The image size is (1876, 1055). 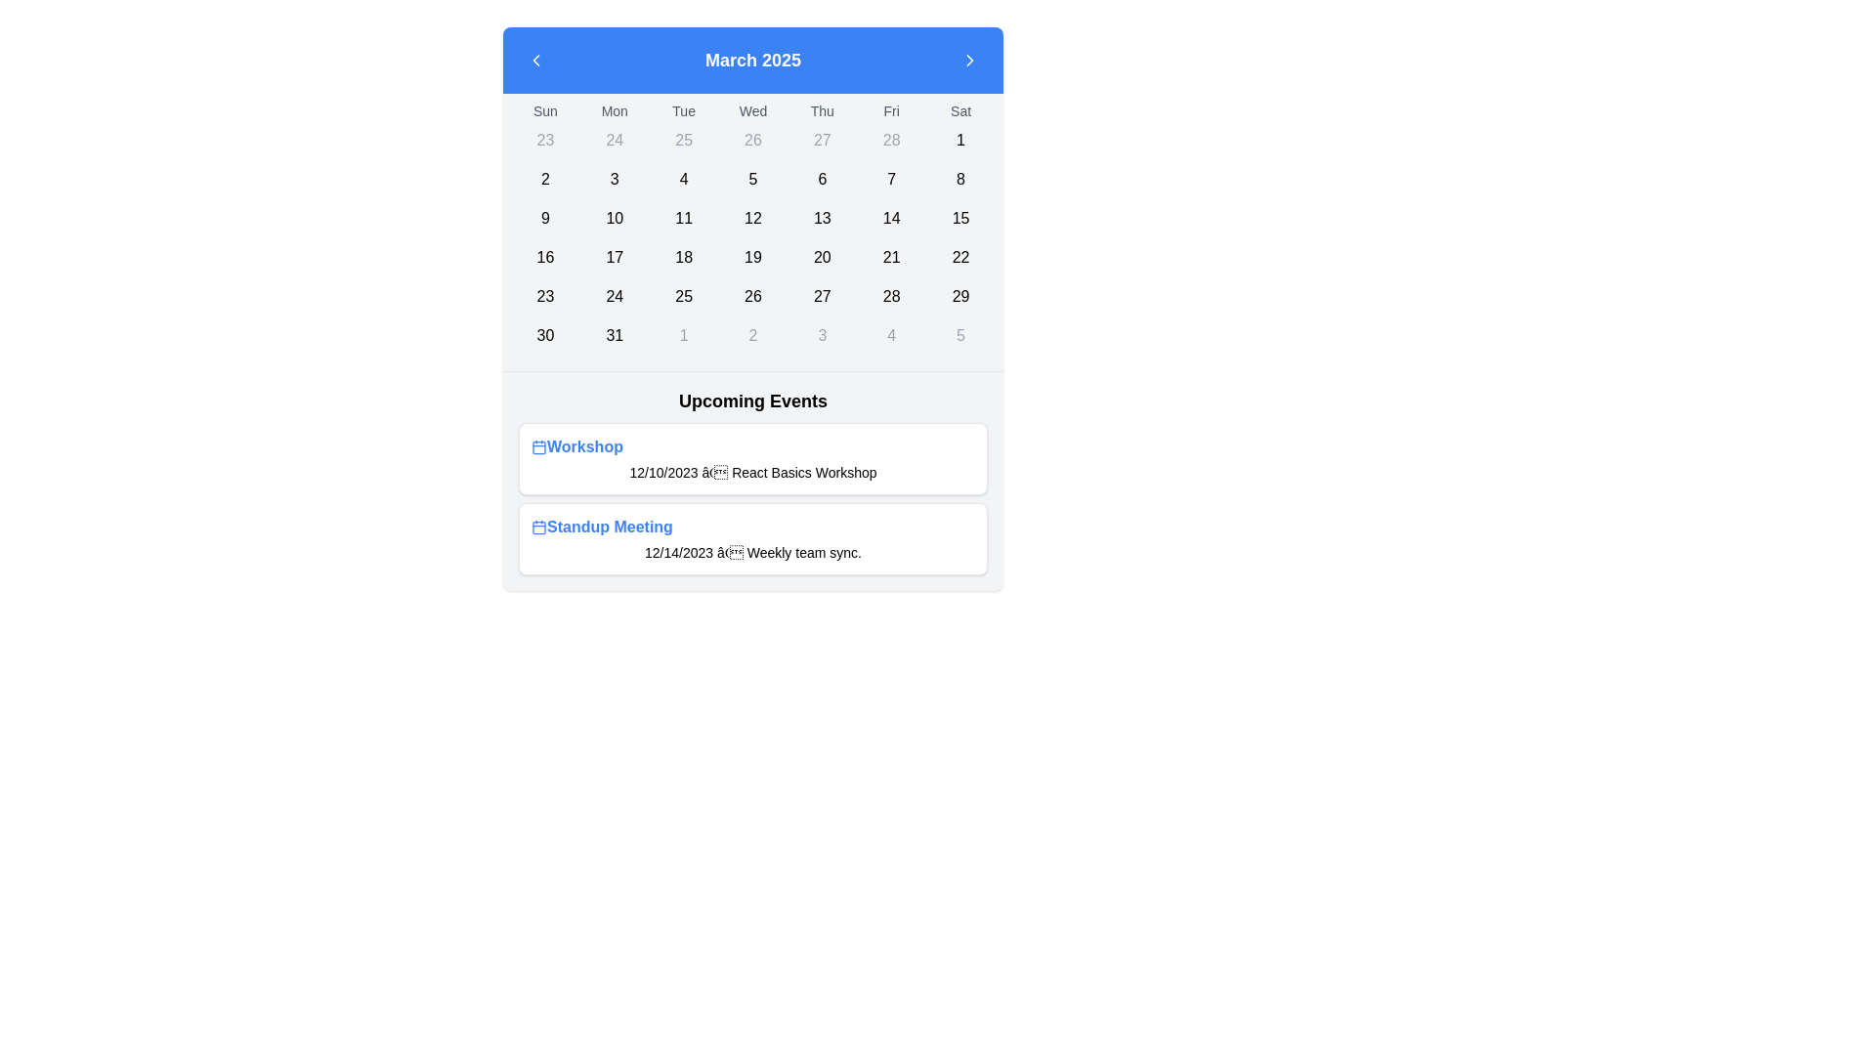 What do you see at coordinates (960, 256) in the screenshot?
I see `the button styled as a selectable calendar cell with the number '22', located in the last column of the fourth row of the calendar grid` at bounding box center [960, 256].